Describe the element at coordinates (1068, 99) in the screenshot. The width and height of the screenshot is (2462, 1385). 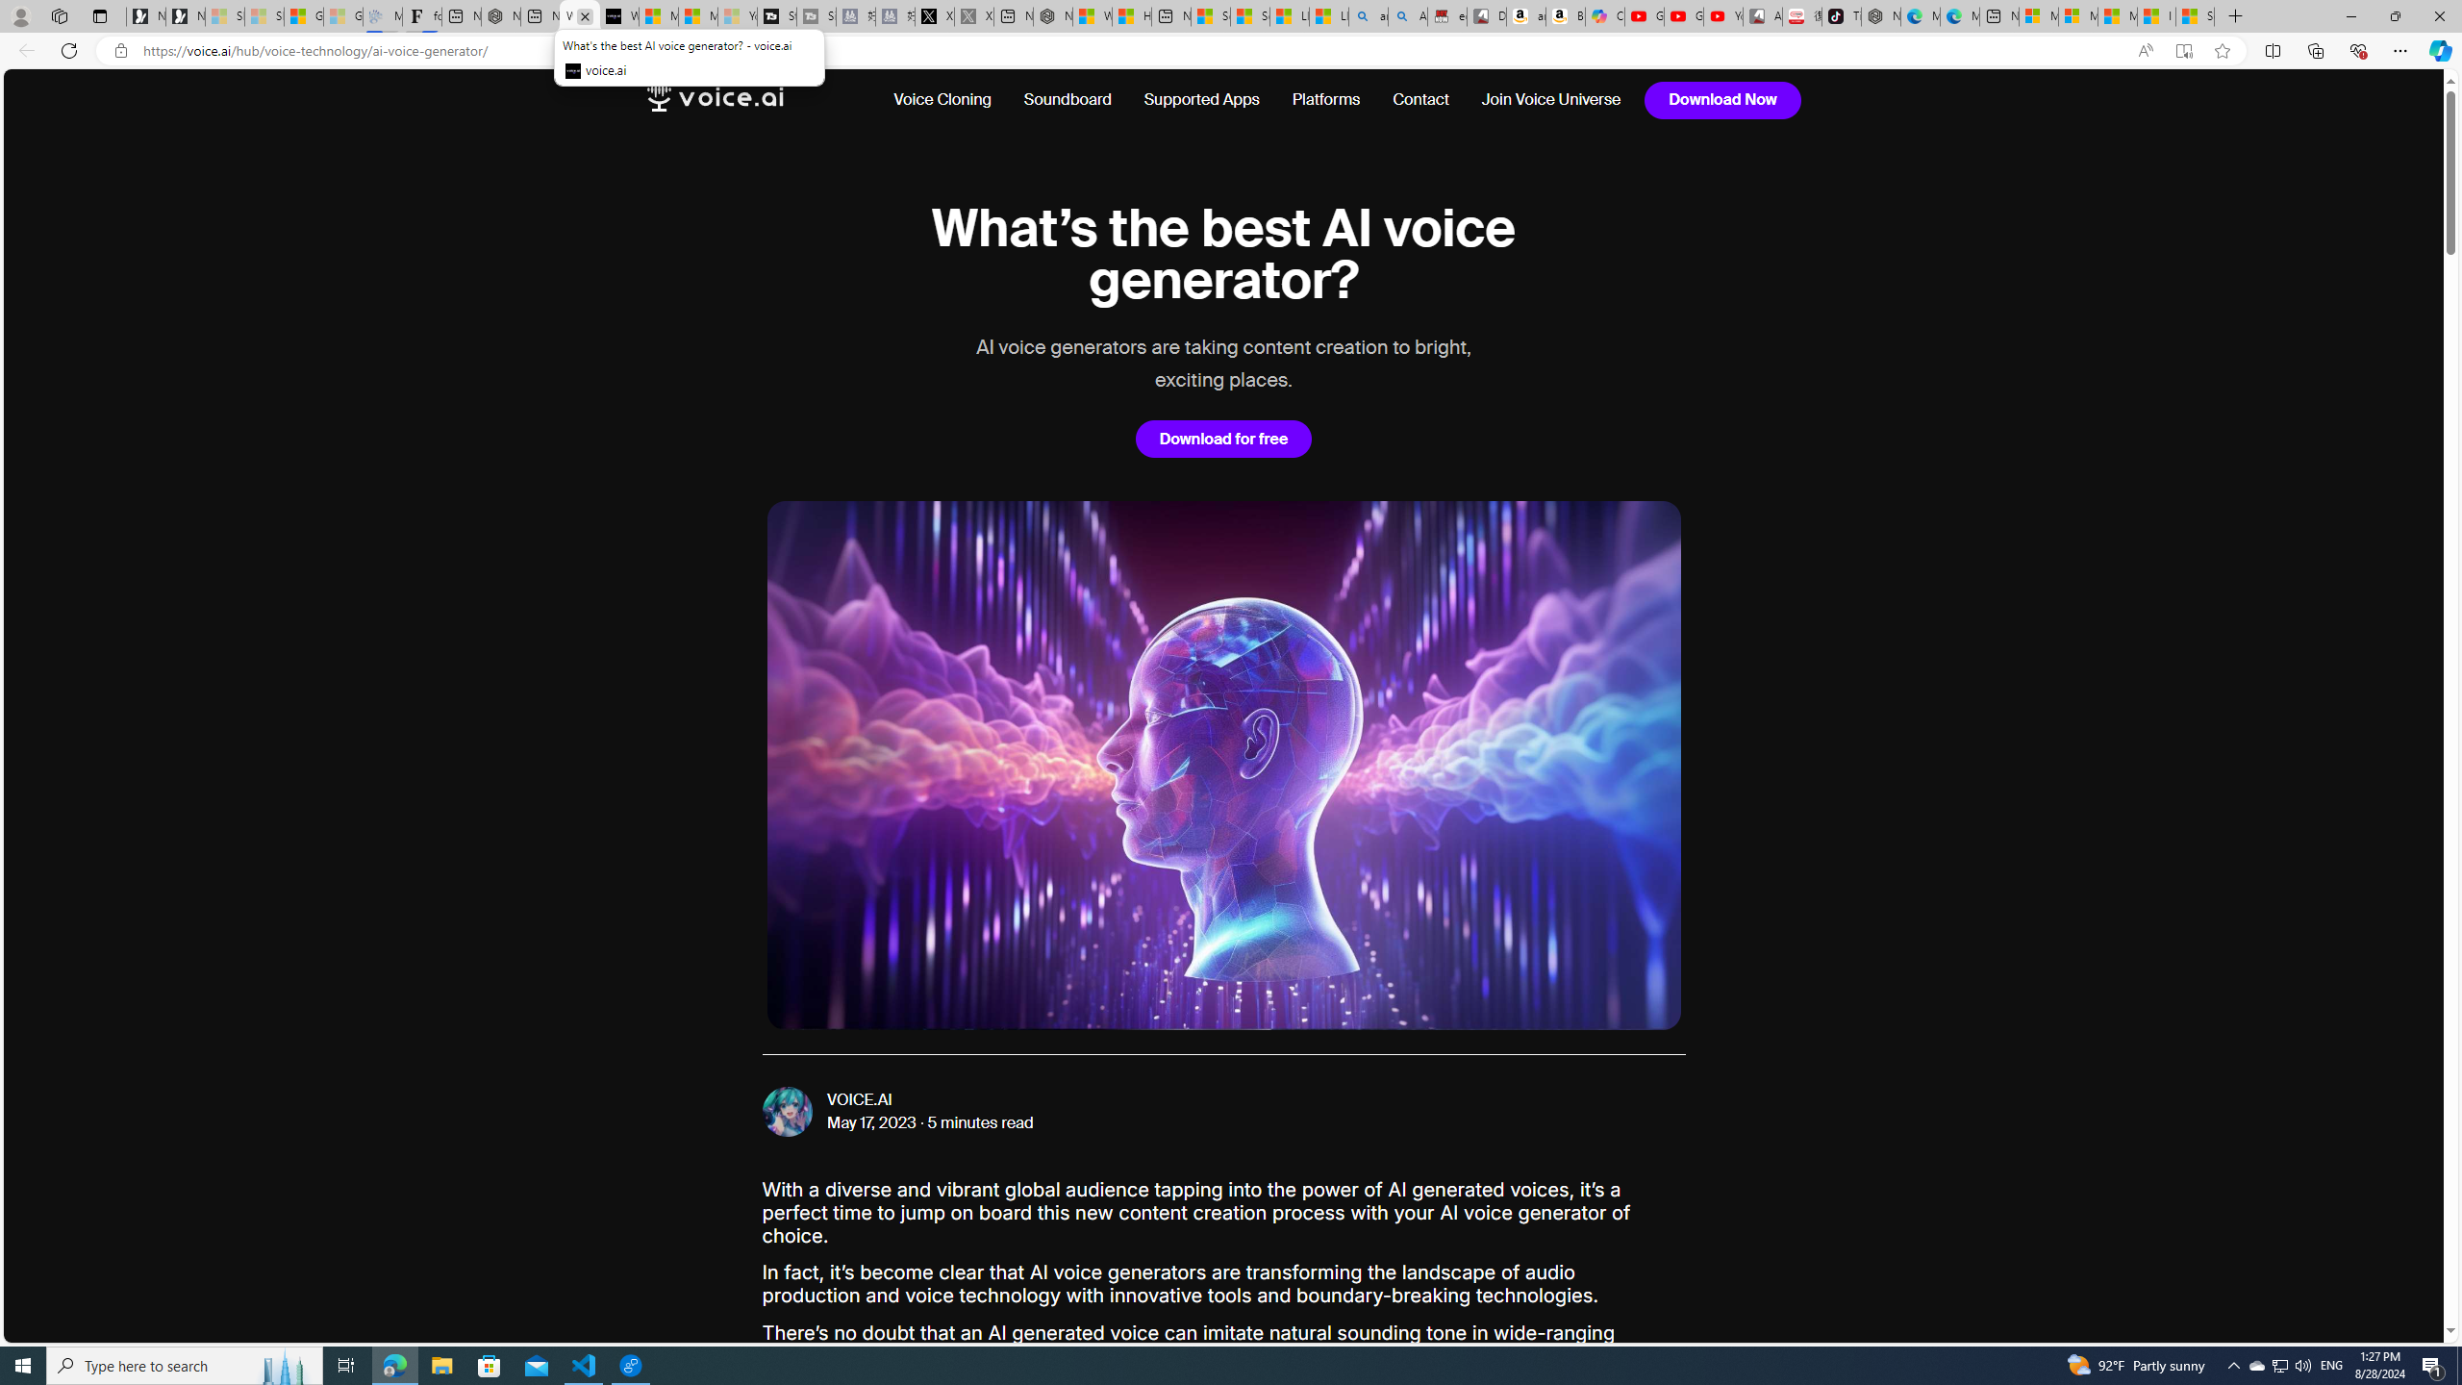
I see `'Soundboard'` at that location.